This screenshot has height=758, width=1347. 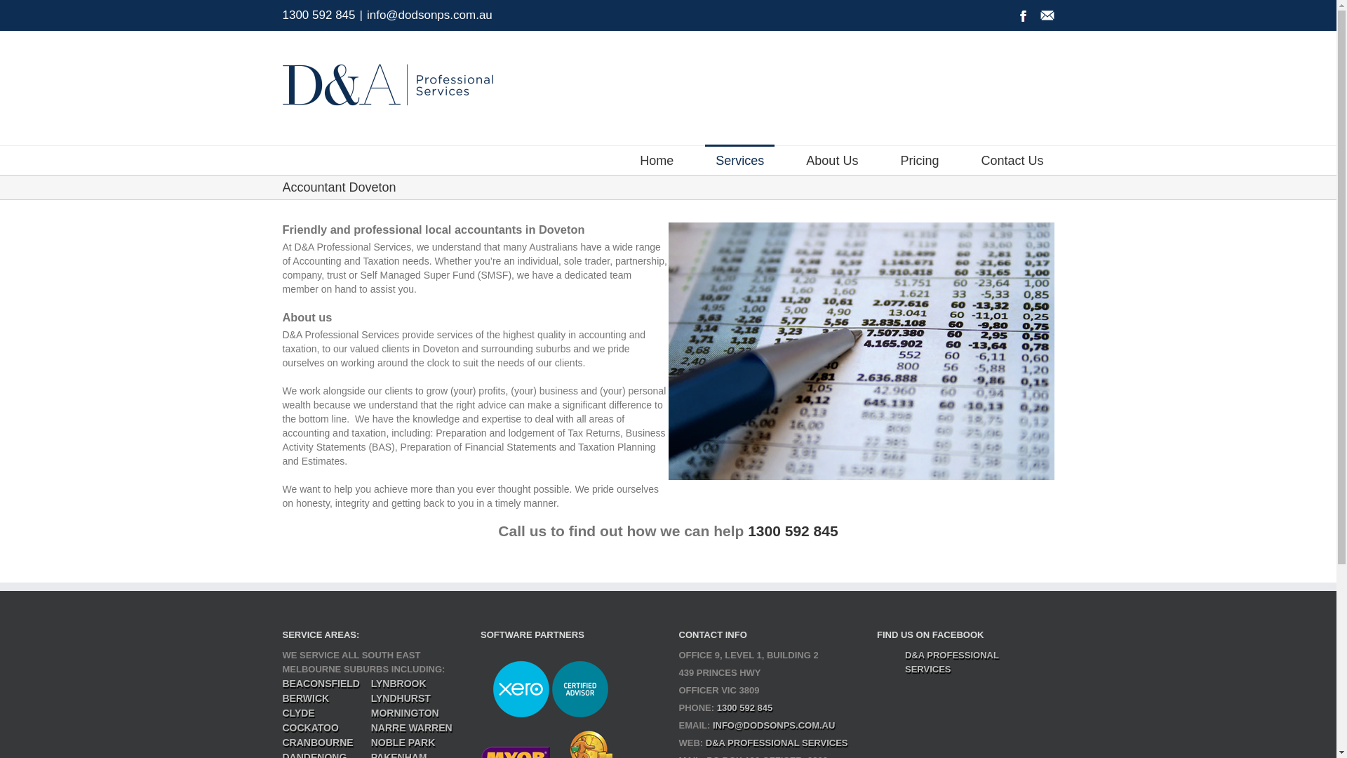 I want to click on 'info@dodsonps.com.au', so click(x=429, y=15).